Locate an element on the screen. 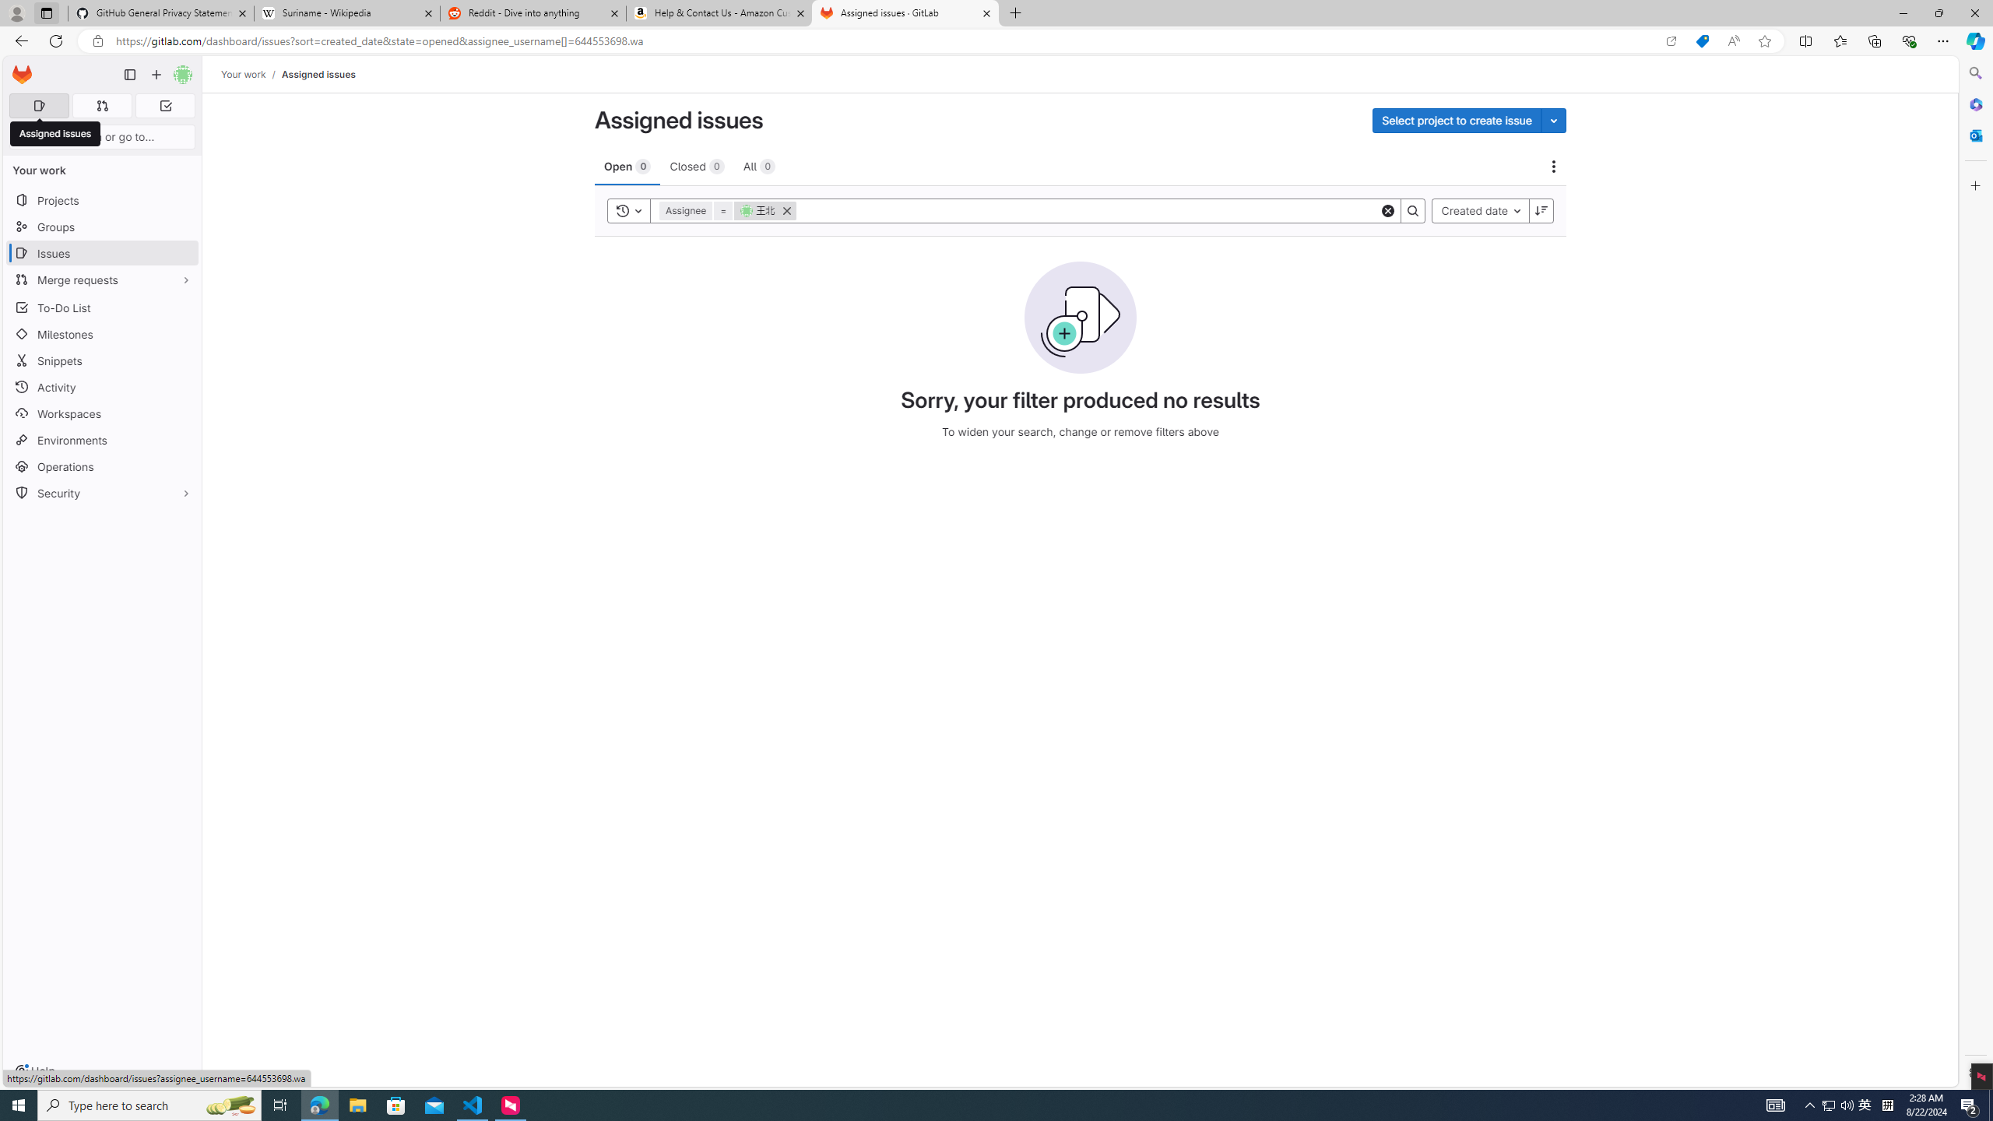  'Issues' is located at coordinates (101, 253).